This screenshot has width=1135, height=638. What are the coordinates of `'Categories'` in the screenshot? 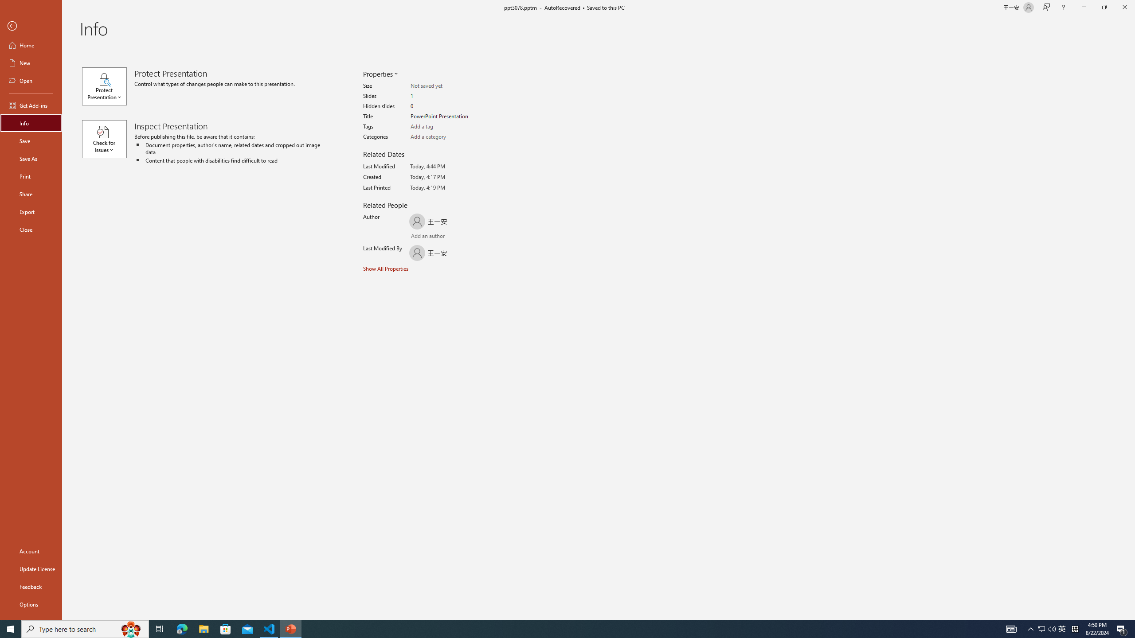 It's located at (445, 137).